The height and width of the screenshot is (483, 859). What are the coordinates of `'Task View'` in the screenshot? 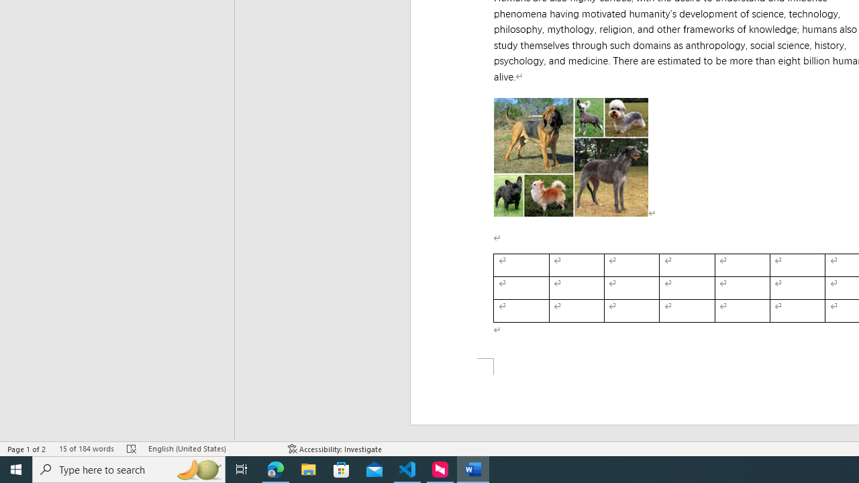 It's located at (241, 468).